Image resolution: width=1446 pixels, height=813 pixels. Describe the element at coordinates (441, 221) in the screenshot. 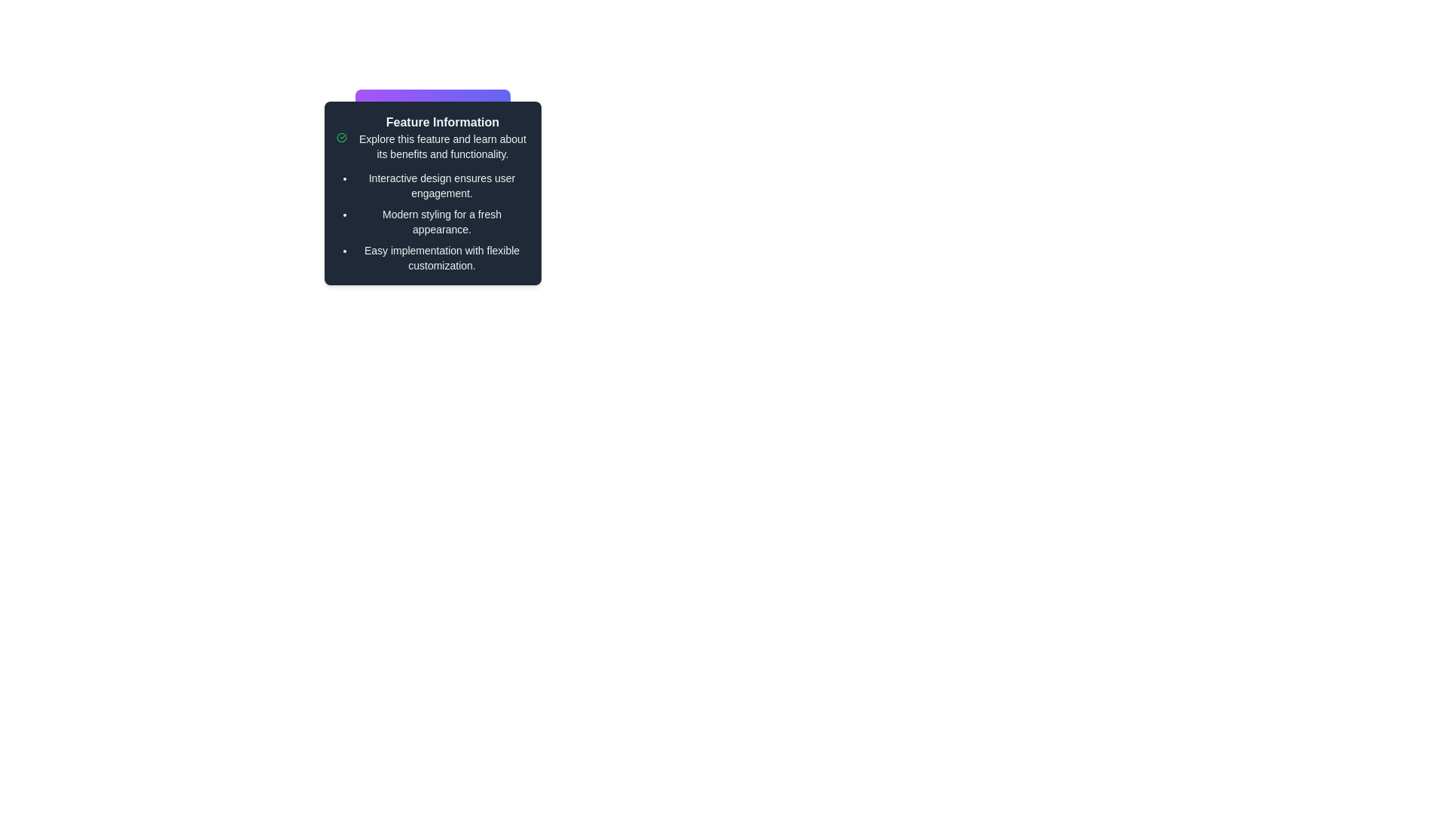

I see `the static text that provides supplementary information about a feature's appearance, located in the second position of a three-item bulleted list within the 'Feature Information' section` at that location.